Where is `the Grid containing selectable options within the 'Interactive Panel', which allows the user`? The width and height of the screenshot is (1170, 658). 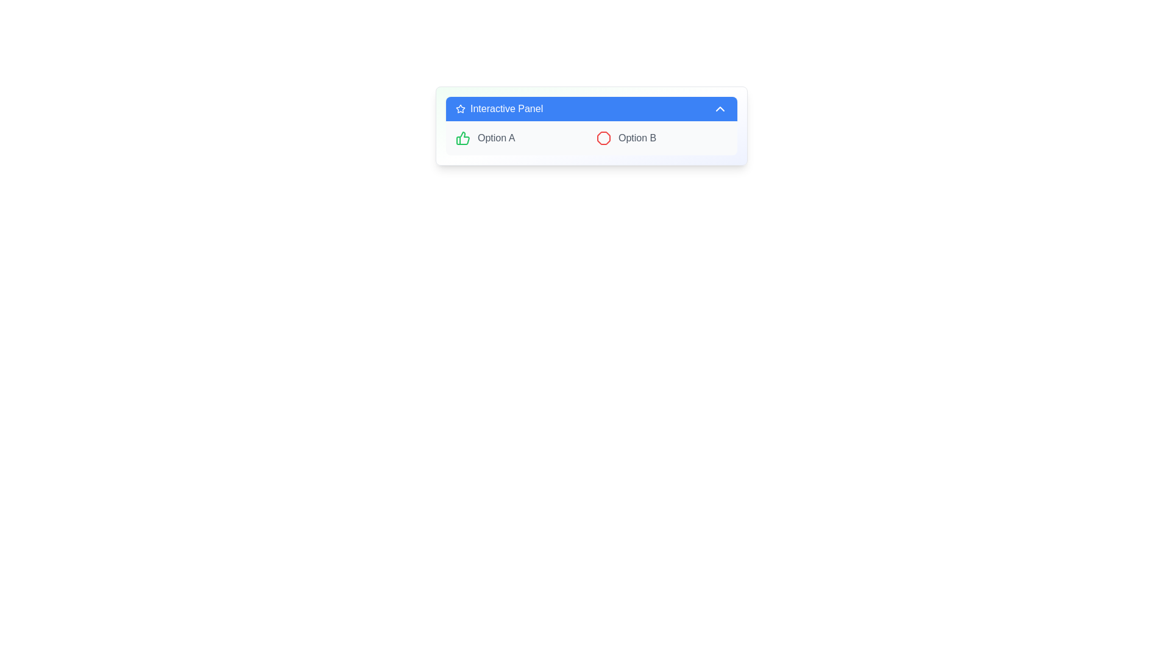
the Grid containing selectable options within the 'Interactive Panel', which allows the user is located at coordinates (591, 138).